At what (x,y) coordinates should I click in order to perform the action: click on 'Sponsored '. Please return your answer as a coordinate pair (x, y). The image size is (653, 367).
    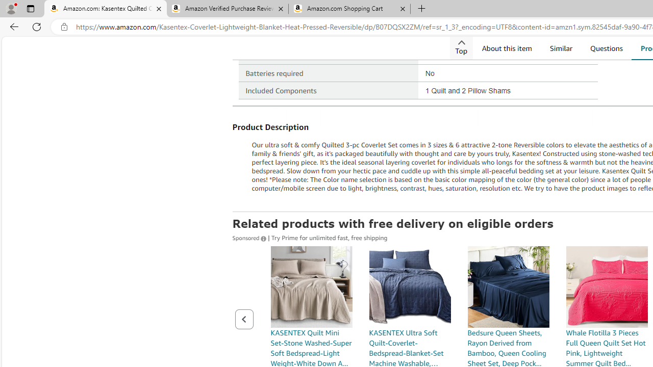
    Looking at the image, I should click on (250, 237).